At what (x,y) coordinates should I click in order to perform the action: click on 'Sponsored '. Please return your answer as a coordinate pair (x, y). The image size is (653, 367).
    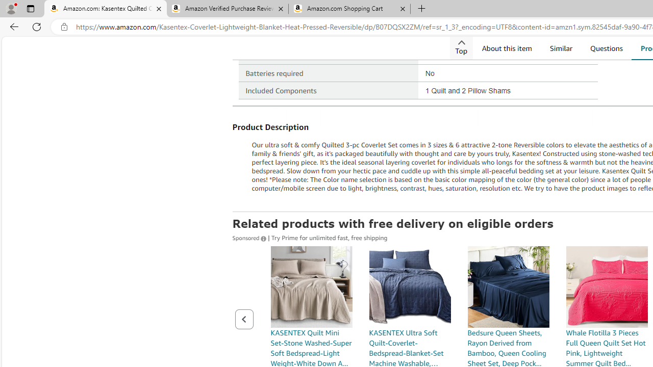
    Looking at the image, I should click on (250, 237).